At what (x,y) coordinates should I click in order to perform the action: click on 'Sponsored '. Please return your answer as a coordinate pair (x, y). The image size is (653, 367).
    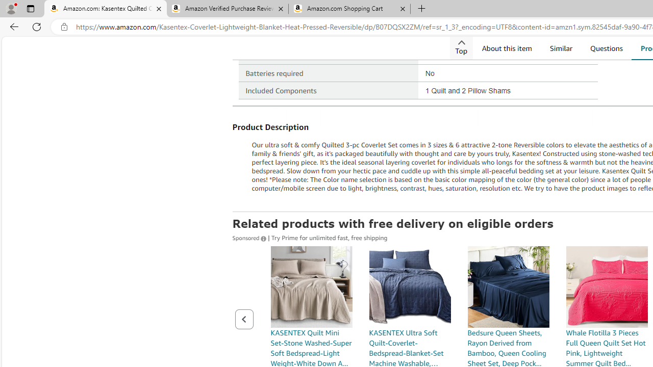
    Looking at the image, I should click on (250, 237).